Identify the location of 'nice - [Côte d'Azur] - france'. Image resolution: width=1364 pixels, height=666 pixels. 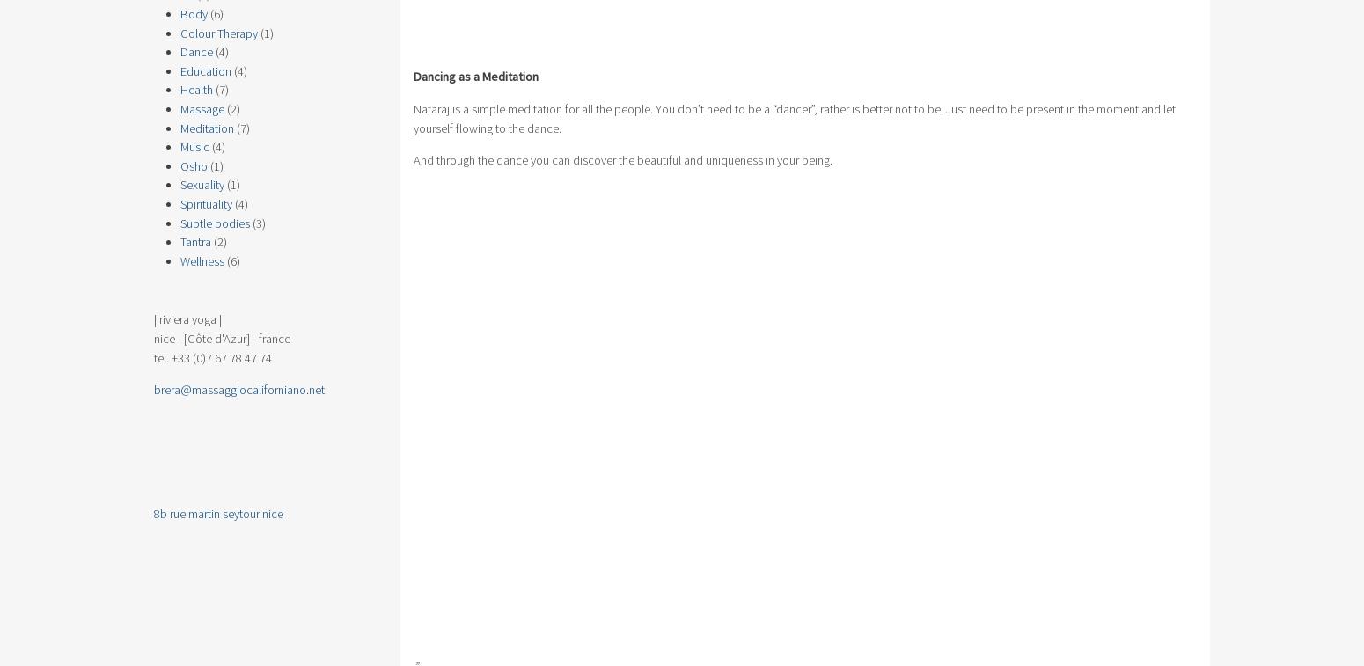
(222, 339).